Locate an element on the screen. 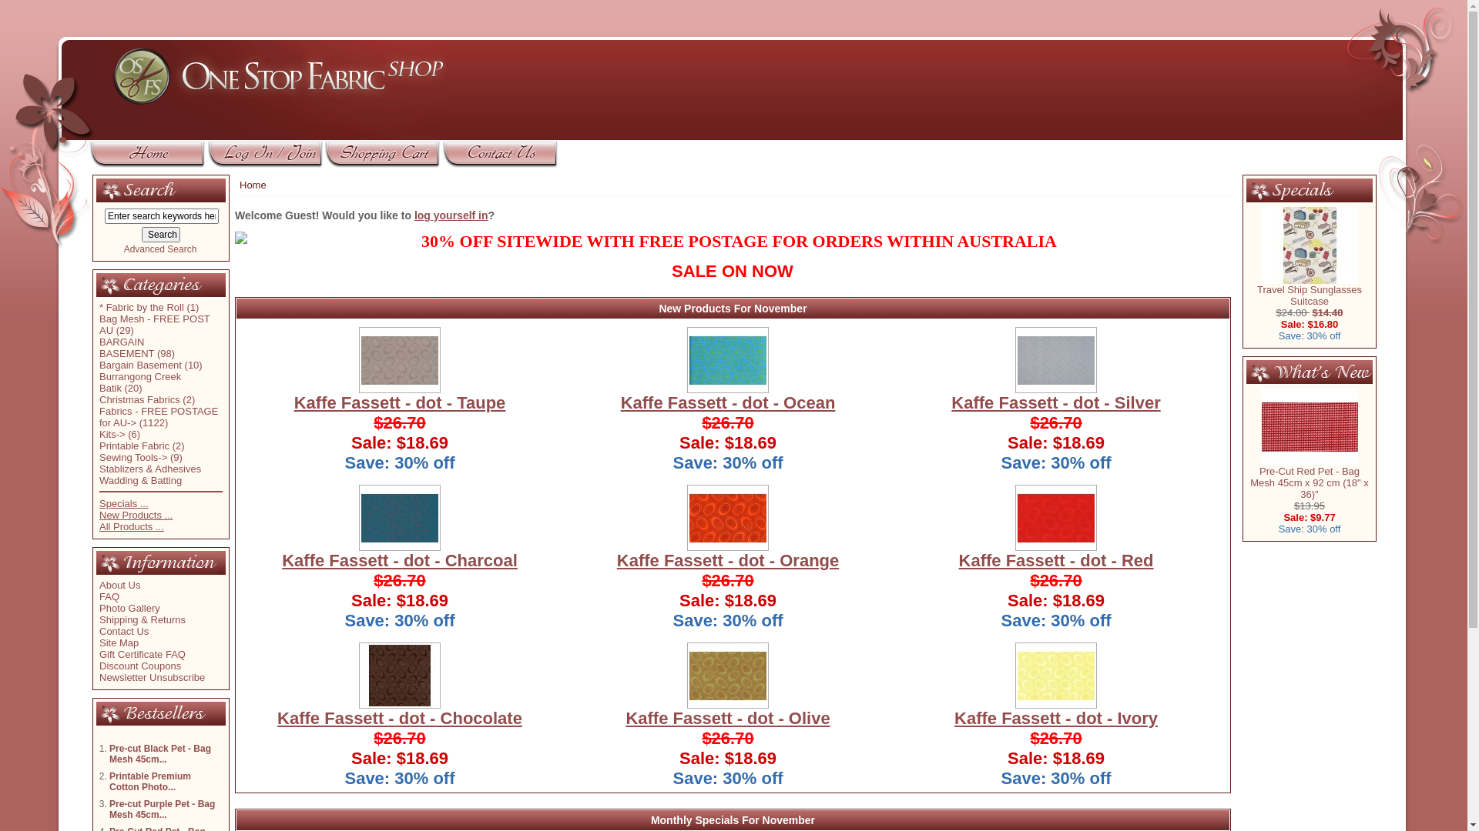 The width and height of the screenshot is (1479, 831). 'Site Map' is located at coordinates (118, 642).